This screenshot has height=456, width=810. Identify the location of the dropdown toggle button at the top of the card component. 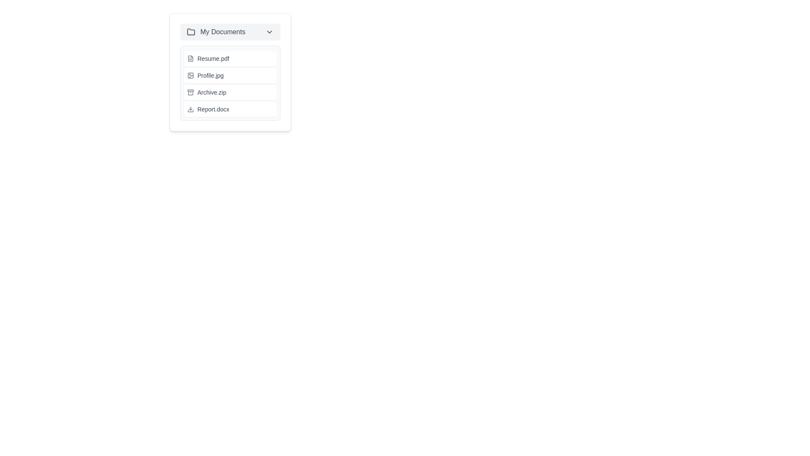
(230, 32).